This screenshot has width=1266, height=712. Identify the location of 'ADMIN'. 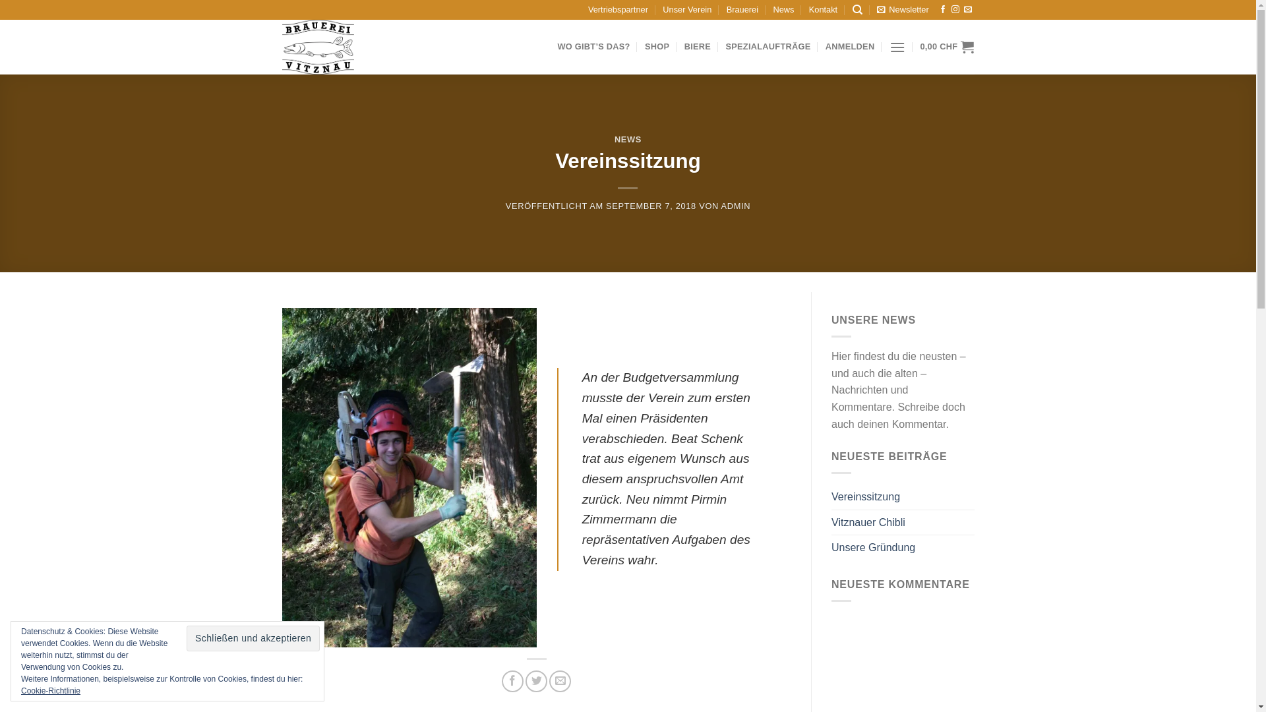
(735, 206).